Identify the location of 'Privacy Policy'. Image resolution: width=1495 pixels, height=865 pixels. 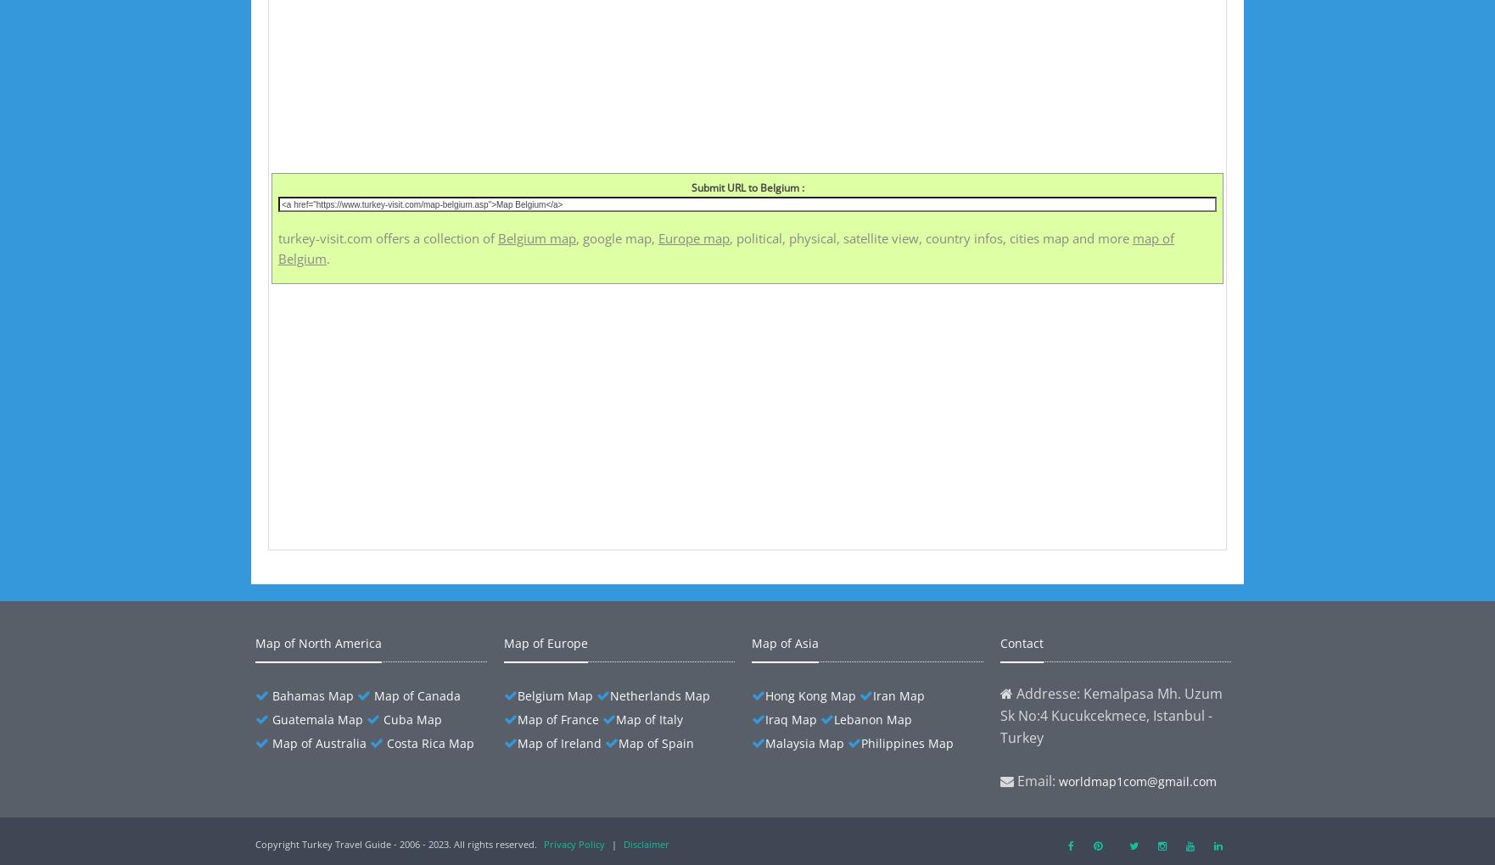
(573, 844).